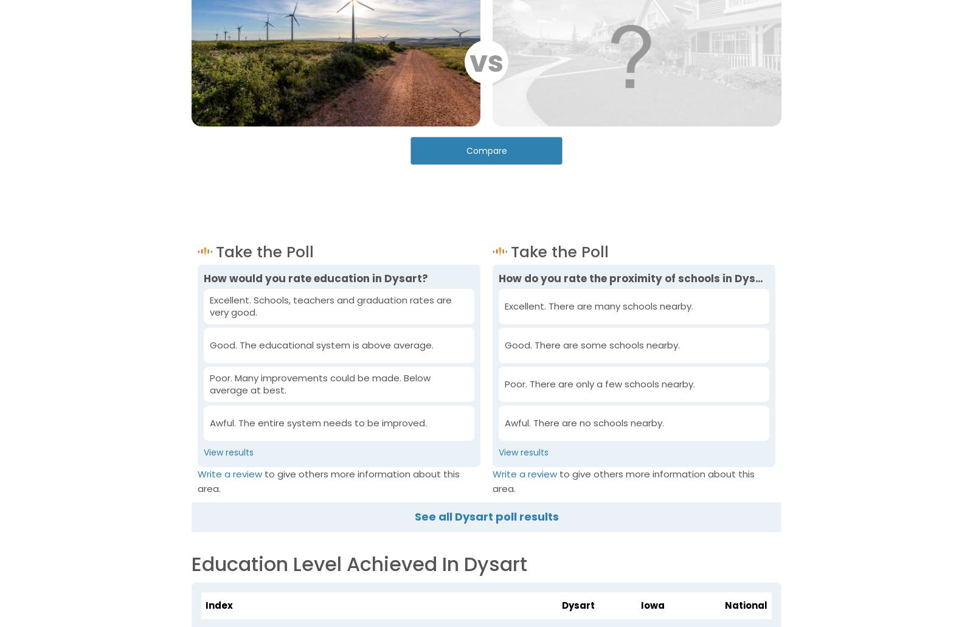 The height and width of the screenshot is (627, 973). What do you see at coordinates (583, 423) in the screenshot?
I see `'Awful. There are no schools nearby.'` at bounding box center [583, 423].